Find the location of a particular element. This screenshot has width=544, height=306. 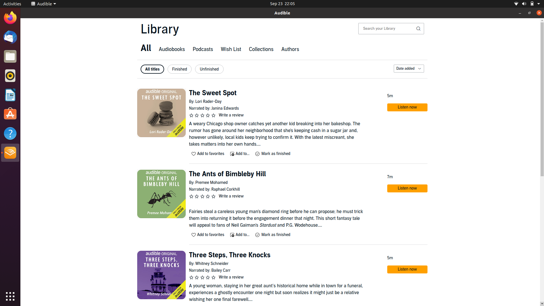

"Ants of Bimbleby Hill" in favourited items list is located at coordinates (208, 235).